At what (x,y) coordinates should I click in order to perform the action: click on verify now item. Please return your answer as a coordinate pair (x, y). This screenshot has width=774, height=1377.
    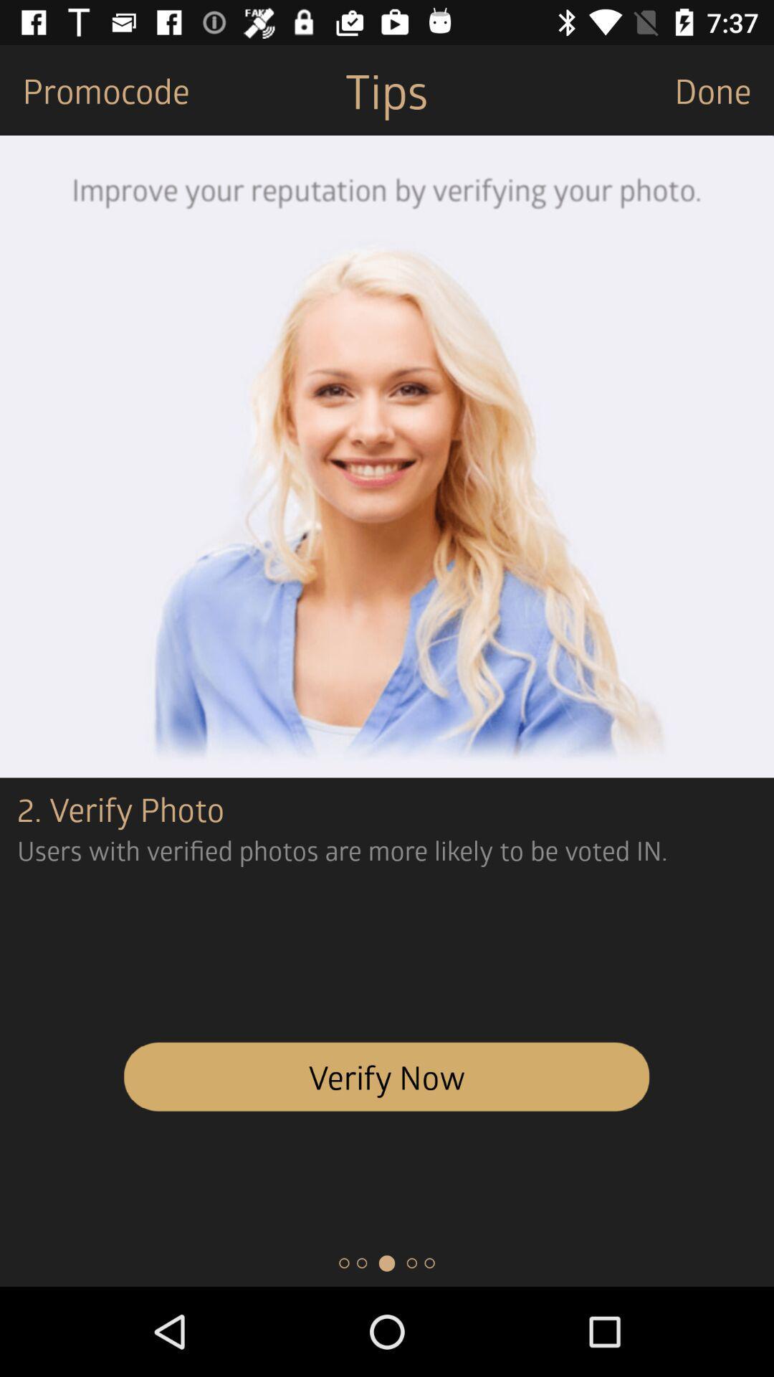
    Looking at the image, I should click on (387, 1076).